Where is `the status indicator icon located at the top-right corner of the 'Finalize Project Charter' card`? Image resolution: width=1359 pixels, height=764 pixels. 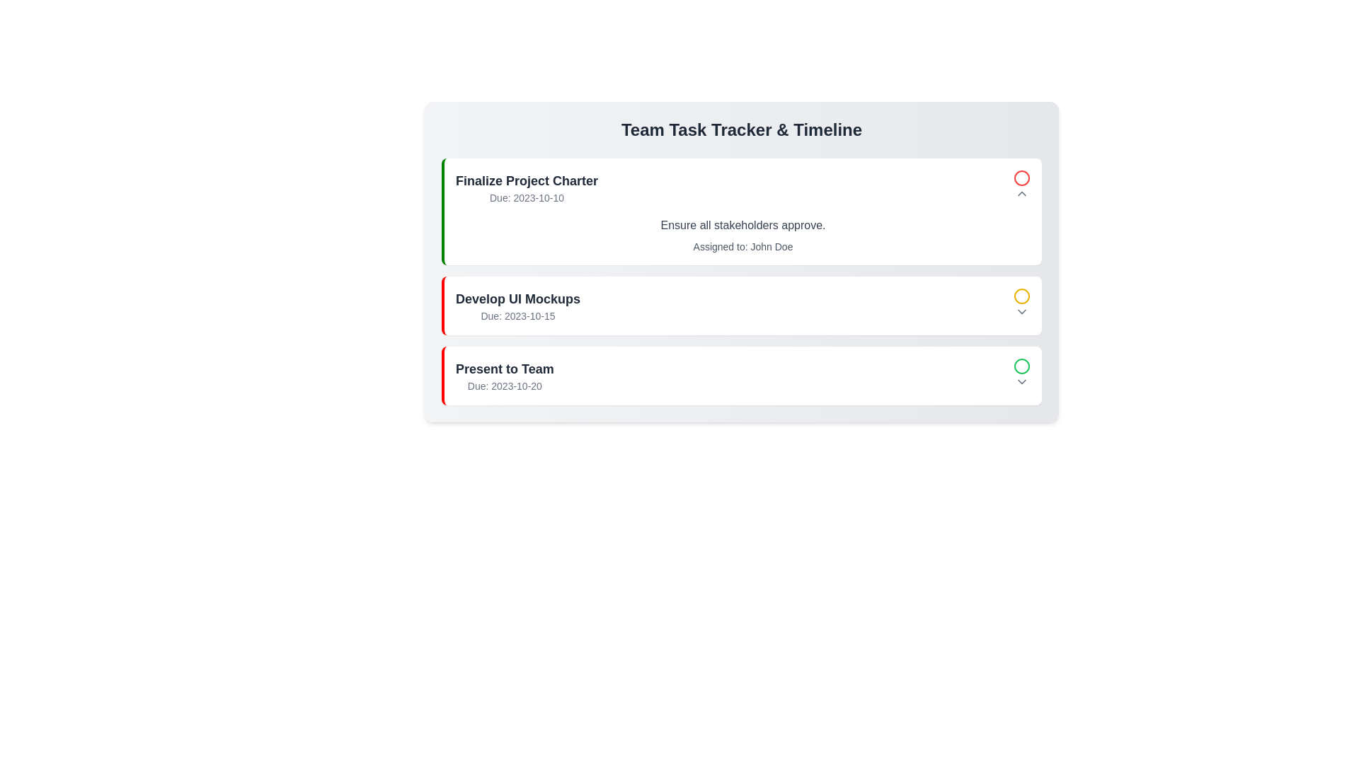
the status indicator icon located at the top-right corner of the 'Finalize Project Charter' card is located at coordinates (1022, 187).